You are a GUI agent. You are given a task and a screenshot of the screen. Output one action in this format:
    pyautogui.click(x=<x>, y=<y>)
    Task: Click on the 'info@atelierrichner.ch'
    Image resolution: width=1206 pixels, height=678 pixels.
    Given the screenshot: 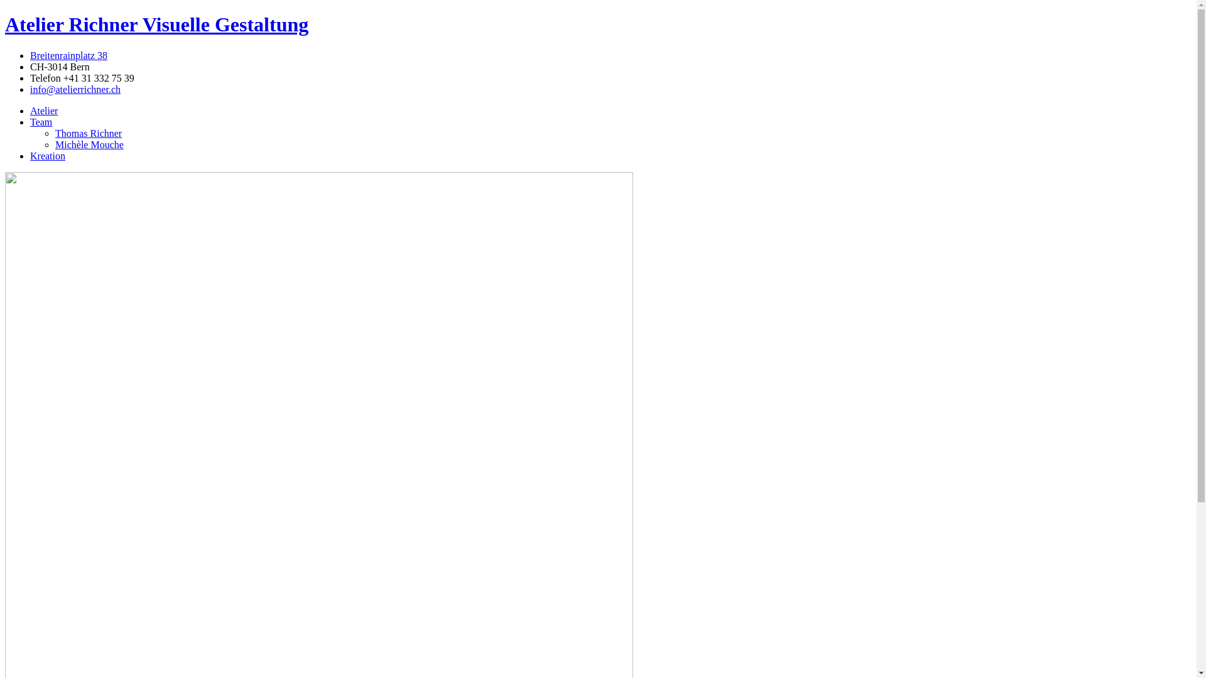 What is the action you would take?
    pyautogui.click(x=30, y=89)
    